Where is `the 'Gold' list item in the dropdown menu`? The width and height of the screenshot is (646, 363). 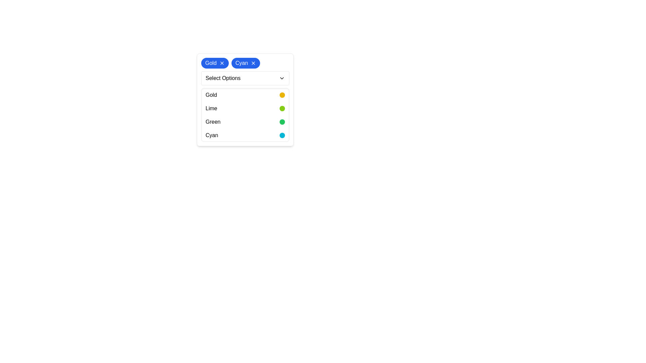 the 'Gold' list item in the dropdown menu is located at coordinates (245, 100).